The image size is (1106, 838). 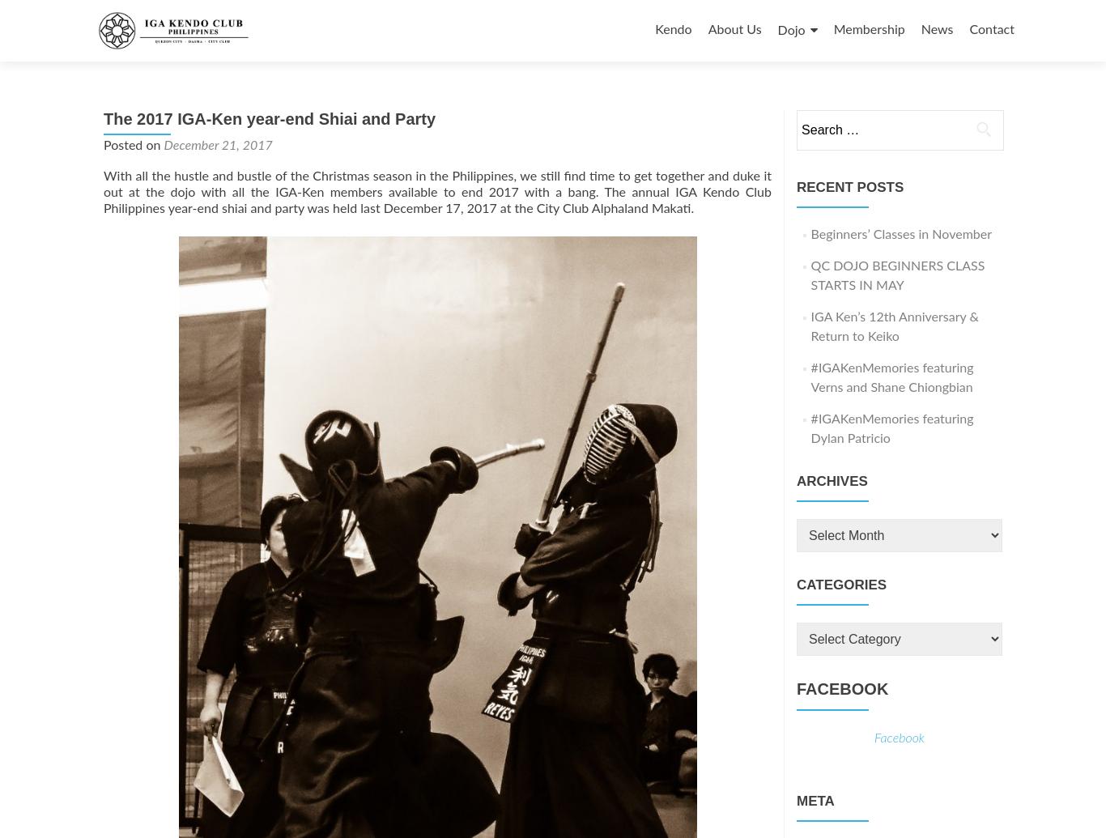 I want to click on 'About Us', so click(x=734, y=29).